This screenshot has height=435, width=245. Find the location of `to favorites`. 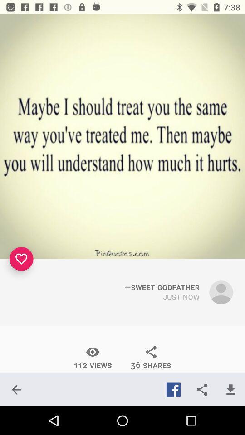

to favorites is located at coordinates (21, 259).